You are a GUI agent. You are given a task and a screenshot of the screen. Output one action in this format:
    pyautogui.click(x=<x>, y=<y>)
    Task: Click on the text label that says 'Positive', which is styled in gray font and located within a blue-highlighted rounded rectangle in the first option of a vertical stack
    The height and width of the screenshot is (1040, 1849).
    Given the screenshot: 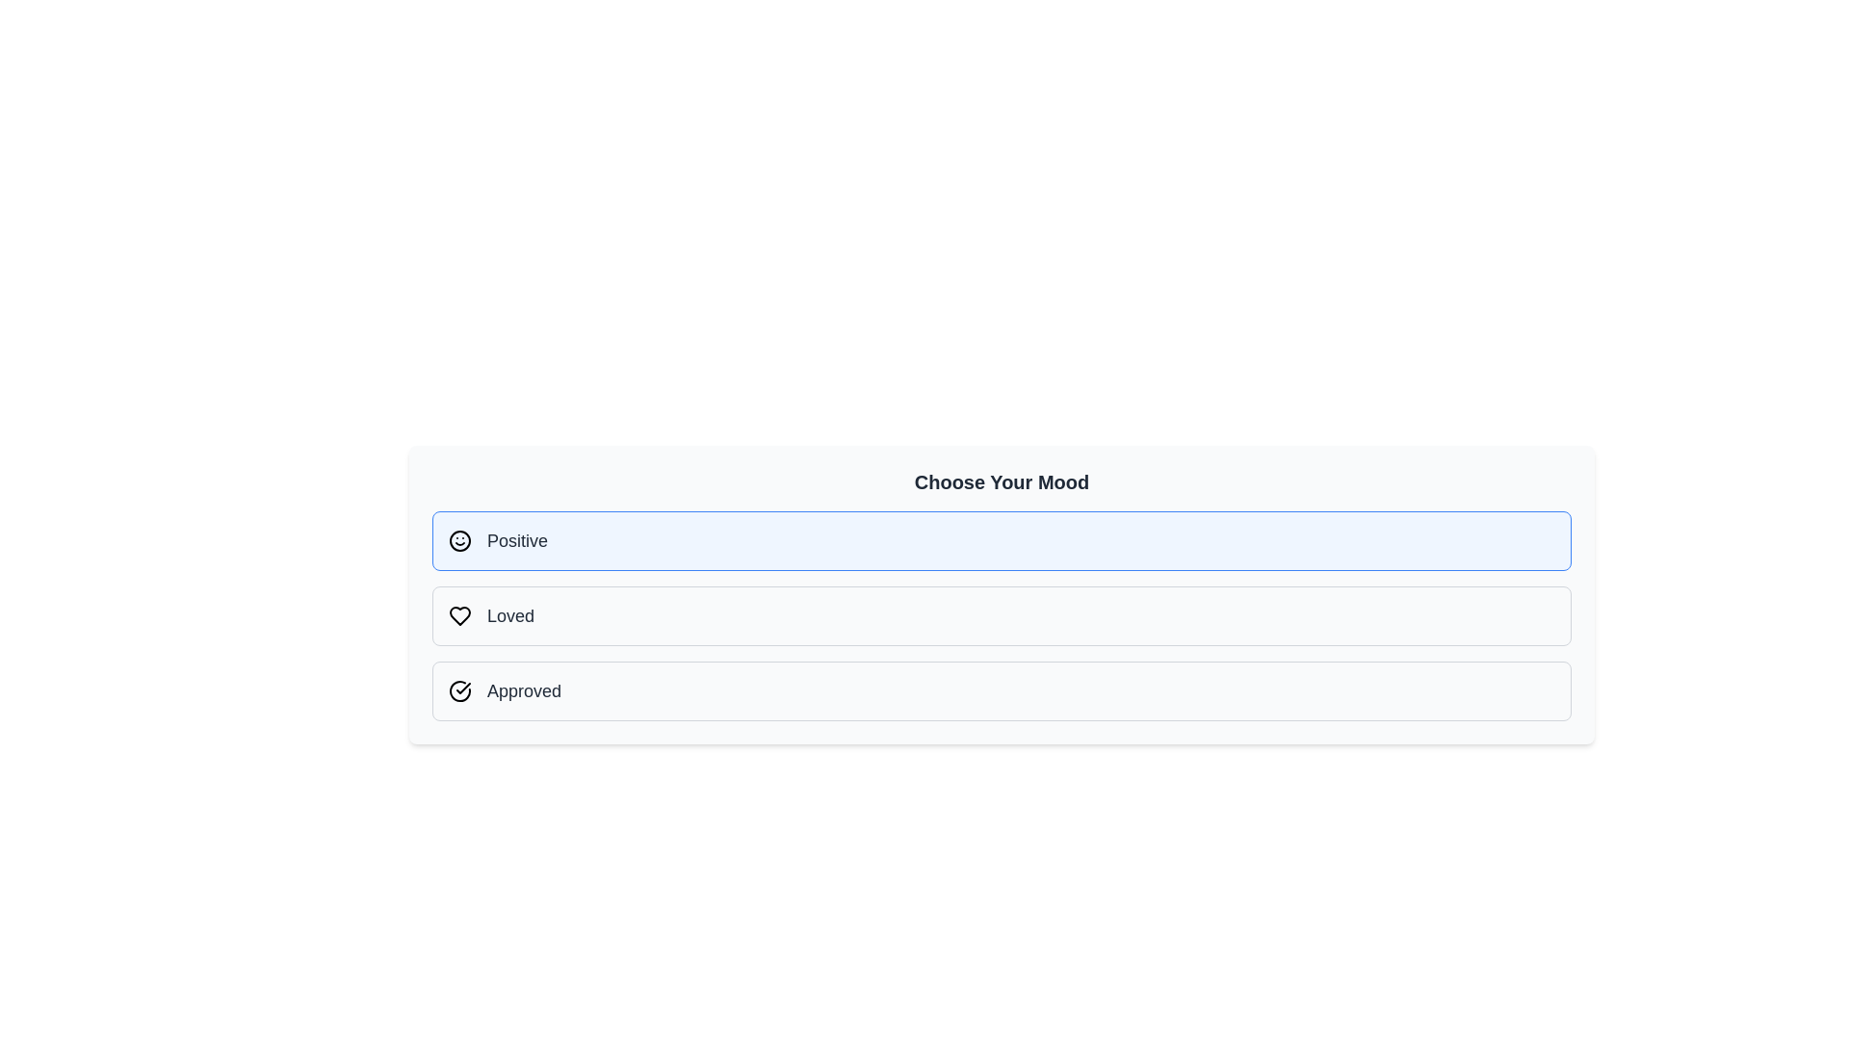 What is the action you would take?
    pyautogui.click(x=517, y=541)
    